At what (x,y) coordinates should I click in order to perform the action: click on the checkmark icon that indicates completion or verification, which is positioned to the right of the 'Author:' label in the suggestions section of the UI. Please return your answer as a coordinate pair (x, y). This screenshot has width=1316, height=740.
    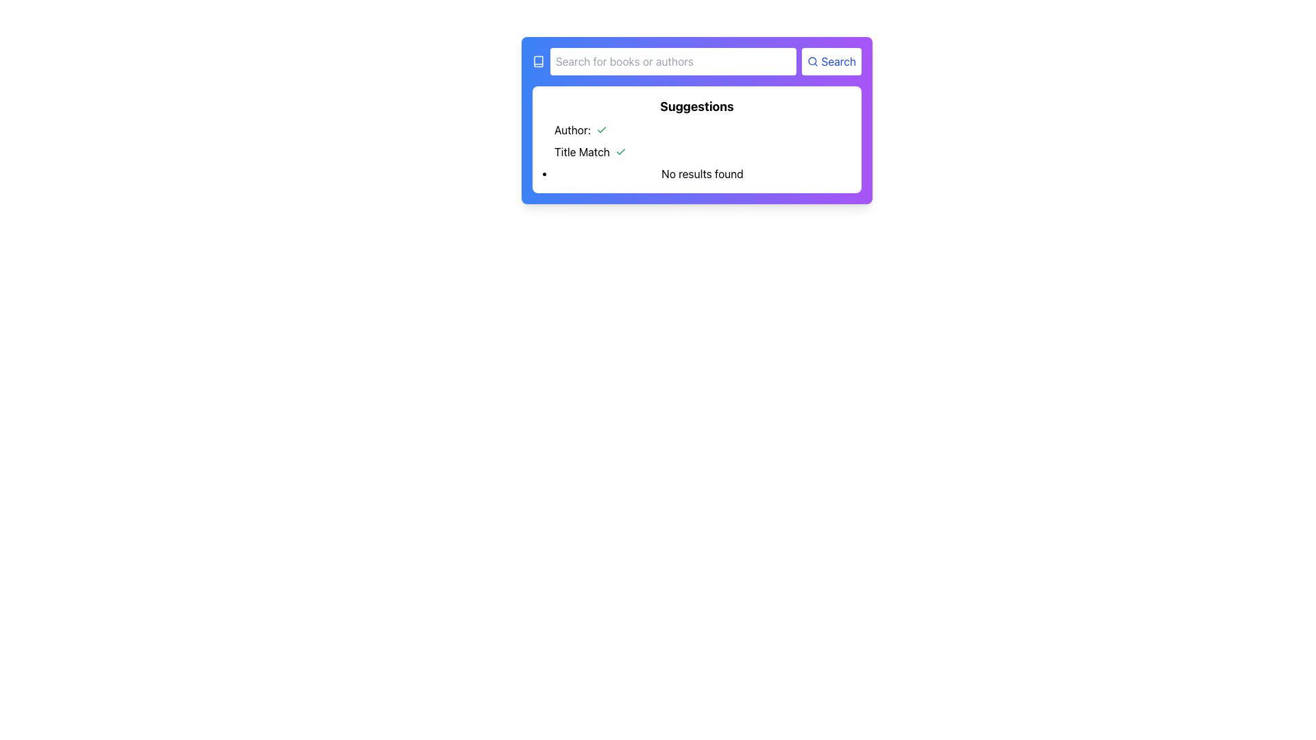
    Looking at the image, I should click on (602, 129).